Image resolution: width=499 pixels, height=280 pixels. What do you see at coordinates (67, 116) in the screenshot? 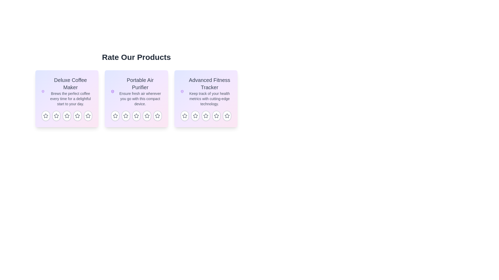
I see `the interactive star rating button, which is the third button in a row of five located below the Deluxe Coffee Maker product description` at bounding box center [67, 116].